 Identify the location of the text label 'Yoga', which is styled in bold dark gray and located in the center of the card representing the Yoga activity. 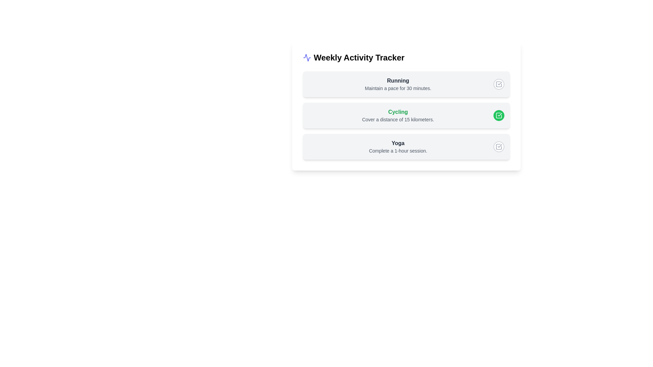
(398, 143).